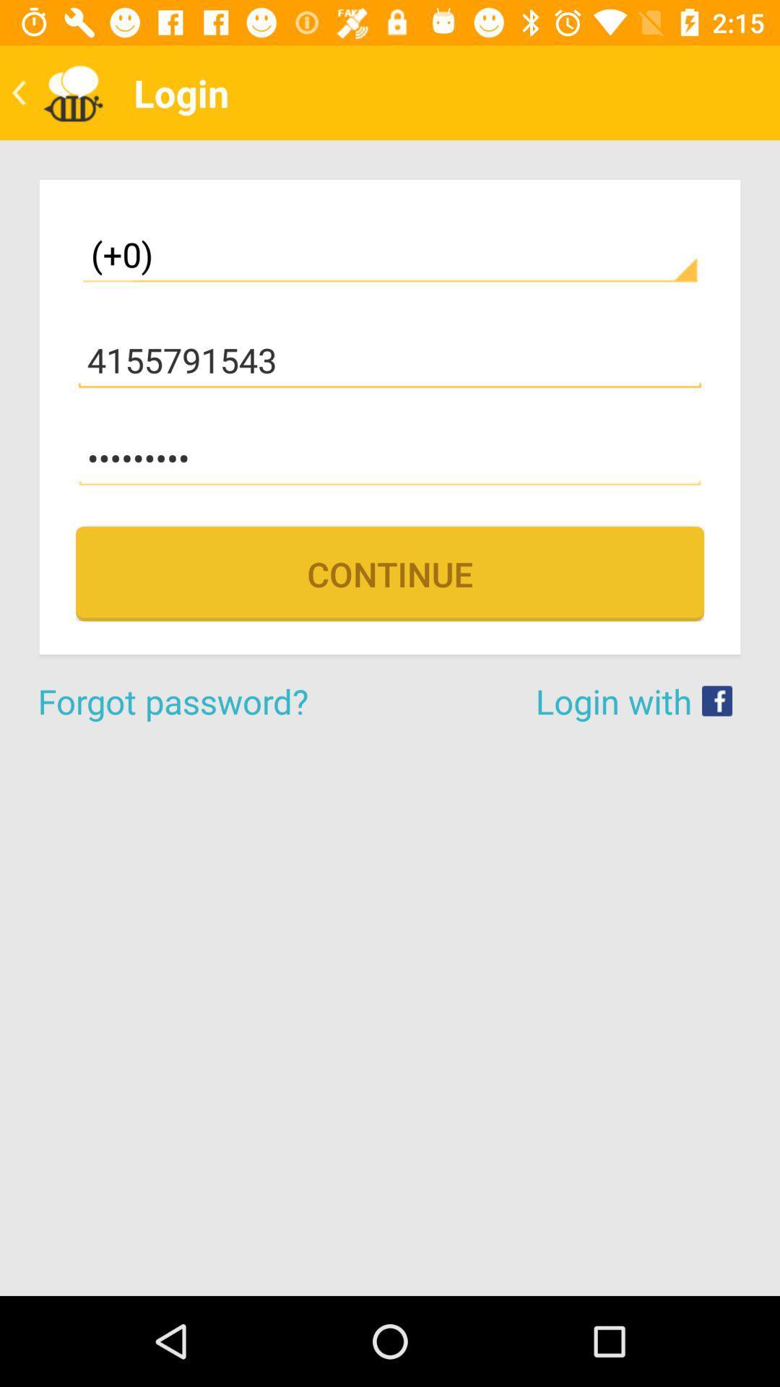 This screenshot has width=780, height=1387. Describe the element at coordinates (390, 254) in the screenshot. I see `the (+0) icon` at that location.